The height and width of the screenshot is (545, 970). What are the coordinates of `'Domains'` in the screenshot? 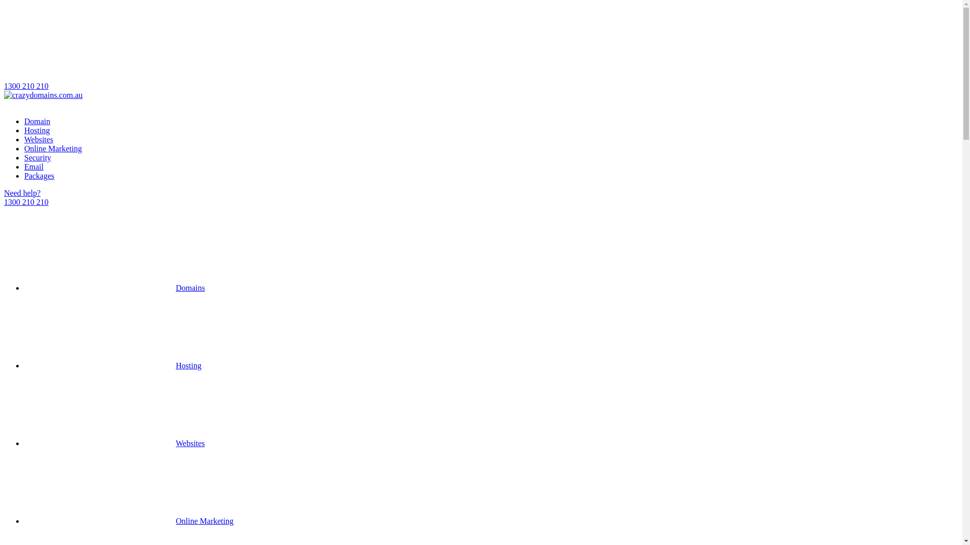 It's located at (114, 288).